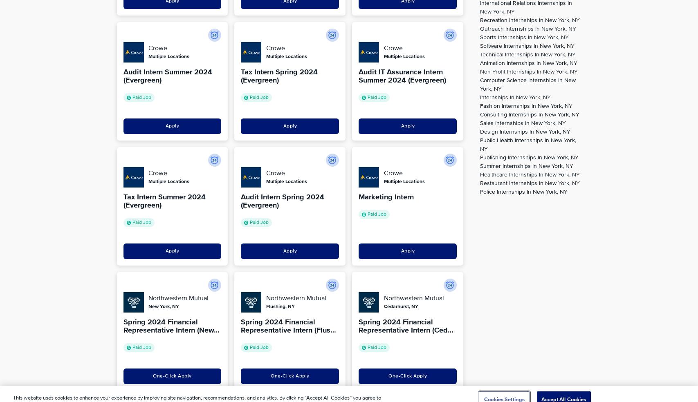 This screenshot has width=698, height=402. Describe the element at coordinates (279, 76) in the screenshot. I see `'Tax Intern Spring 2024 (Evergreen)'` at that location.